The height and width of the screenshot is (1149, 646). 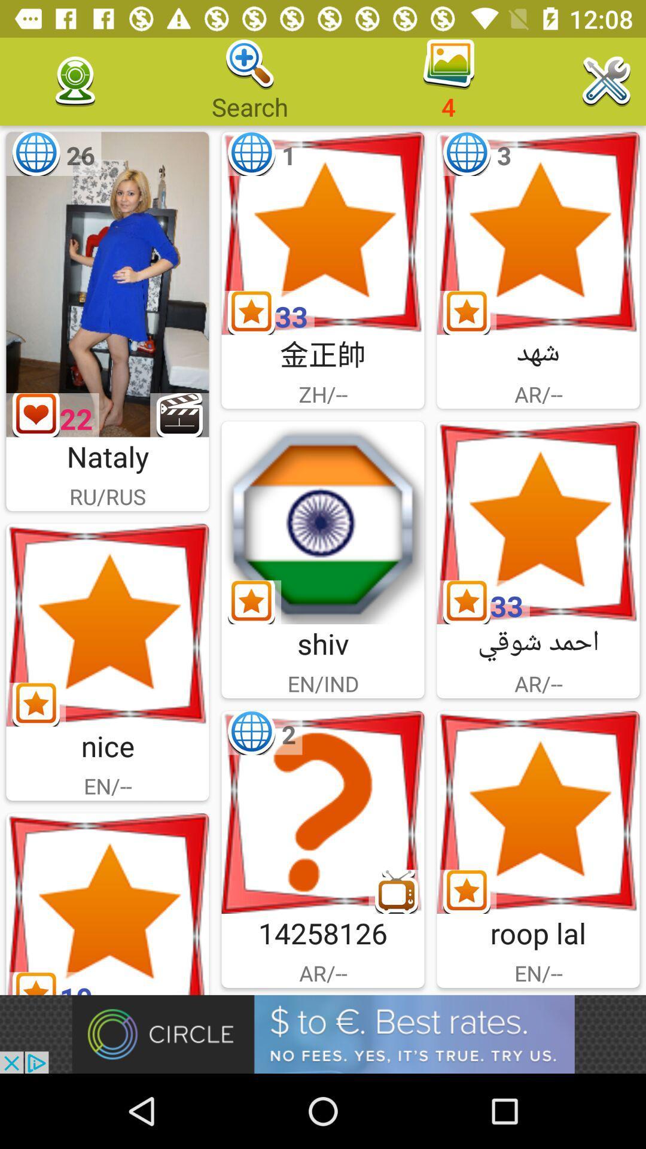 What do you see at coordinates (323, 1034) in the screenshot?
I see `banner advertisement` at bounding box center [323, 1034].